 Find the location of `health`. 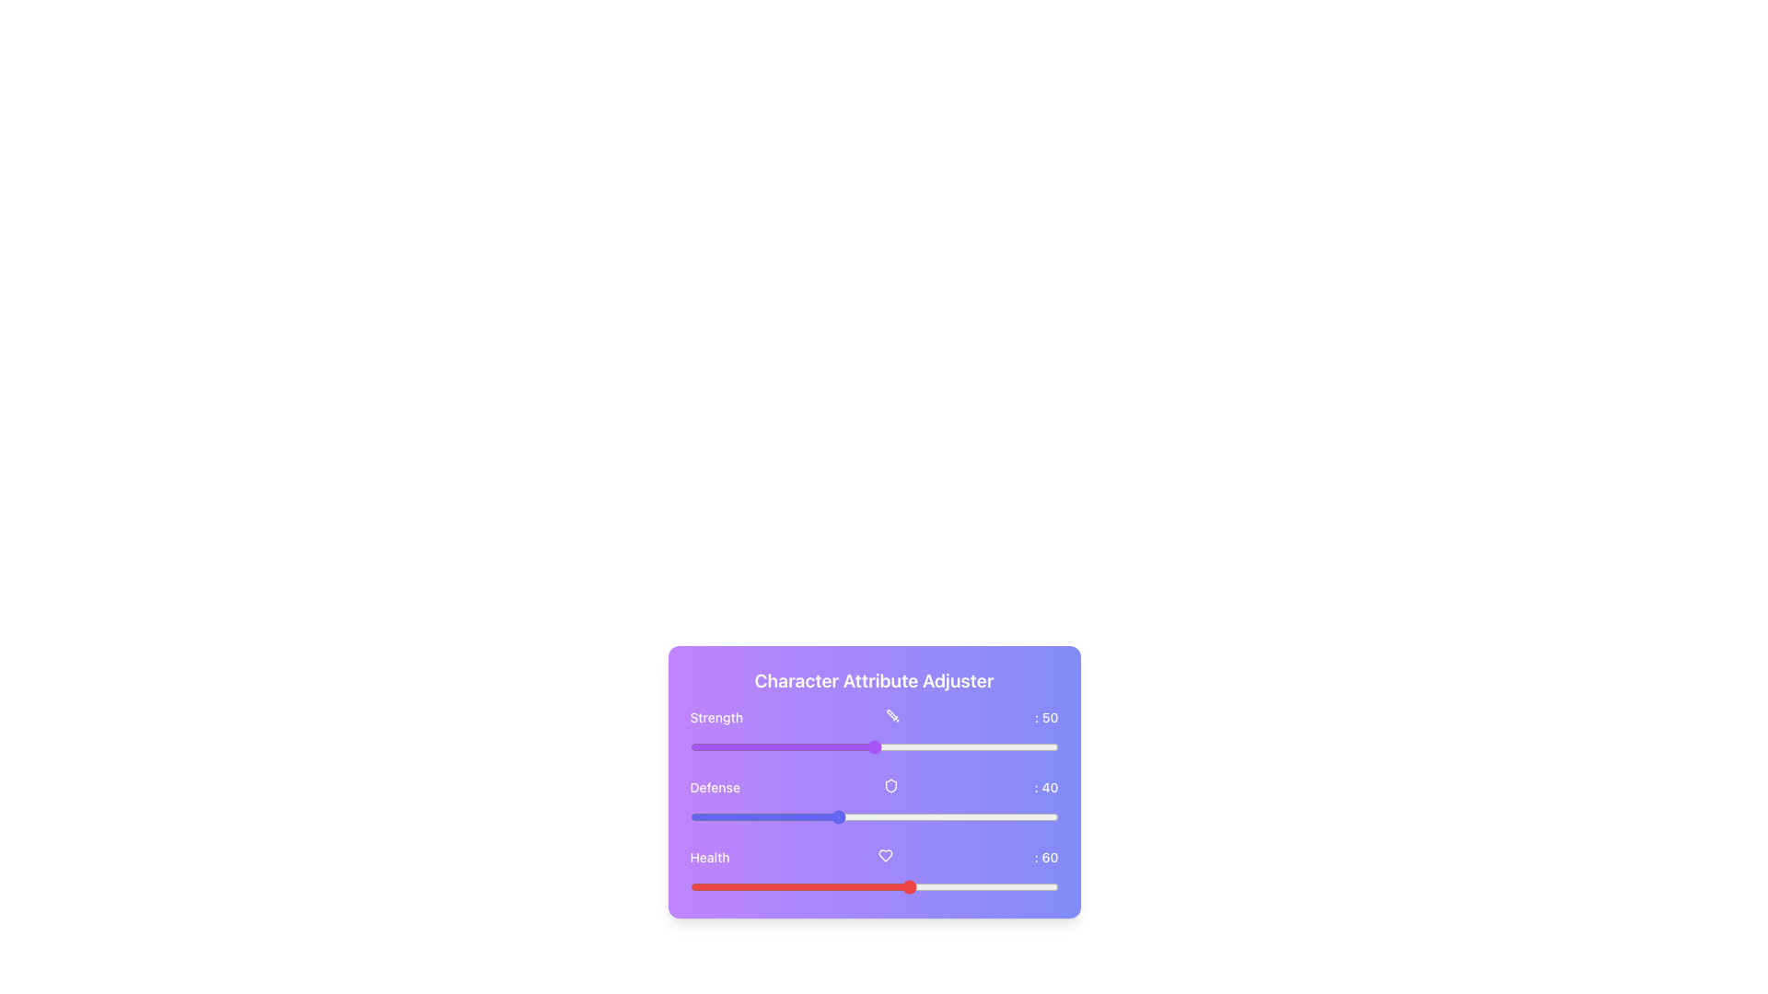

health is located at coordinates (808, 886).